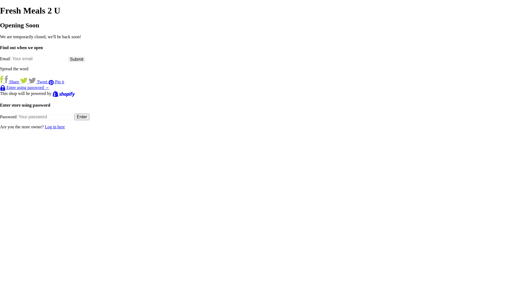 This screenshot has height=293, width=520. I want to click on 'Pin it, so click(48, 82).